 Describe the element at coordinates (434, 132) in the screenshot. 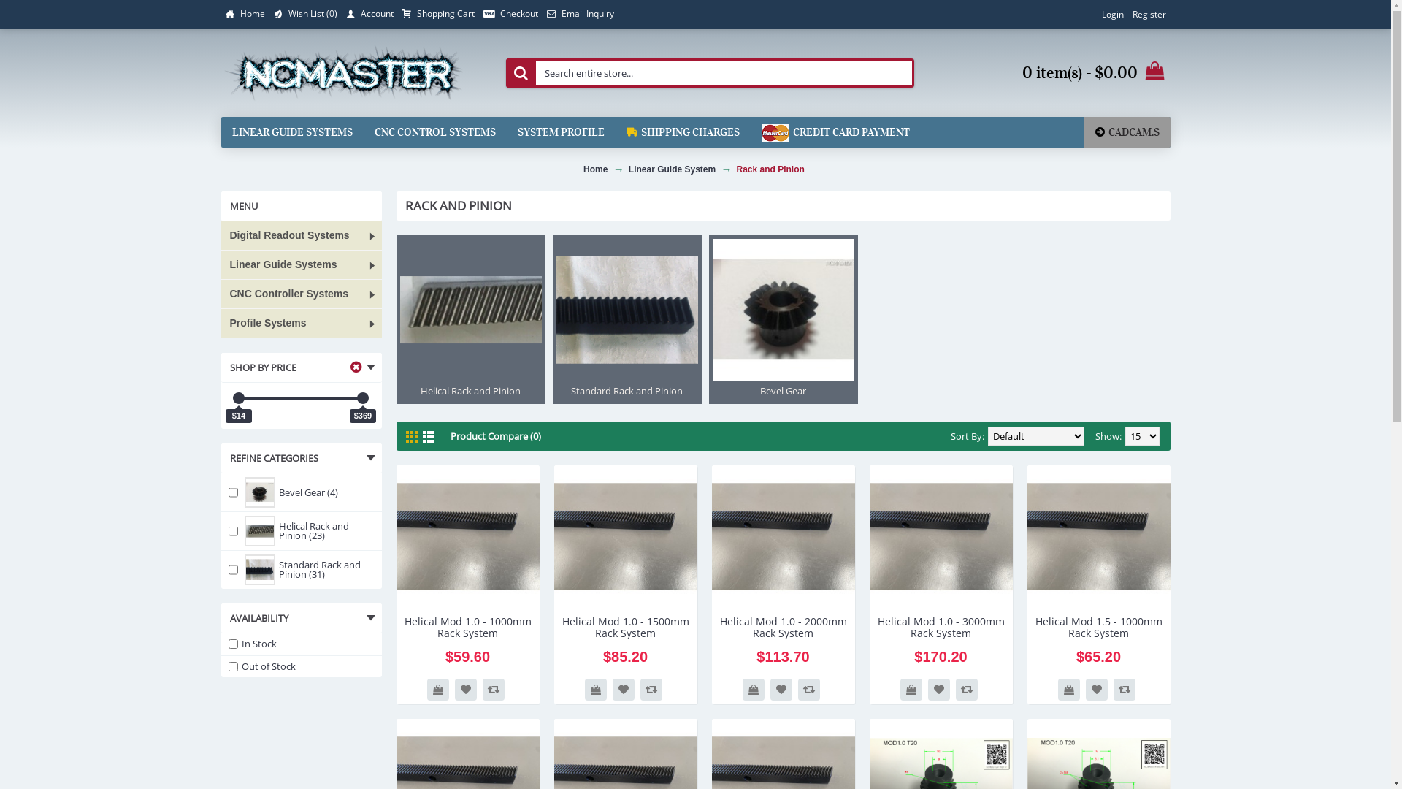

I see `'CNC CONTROL SYSTEMS'` at that location.